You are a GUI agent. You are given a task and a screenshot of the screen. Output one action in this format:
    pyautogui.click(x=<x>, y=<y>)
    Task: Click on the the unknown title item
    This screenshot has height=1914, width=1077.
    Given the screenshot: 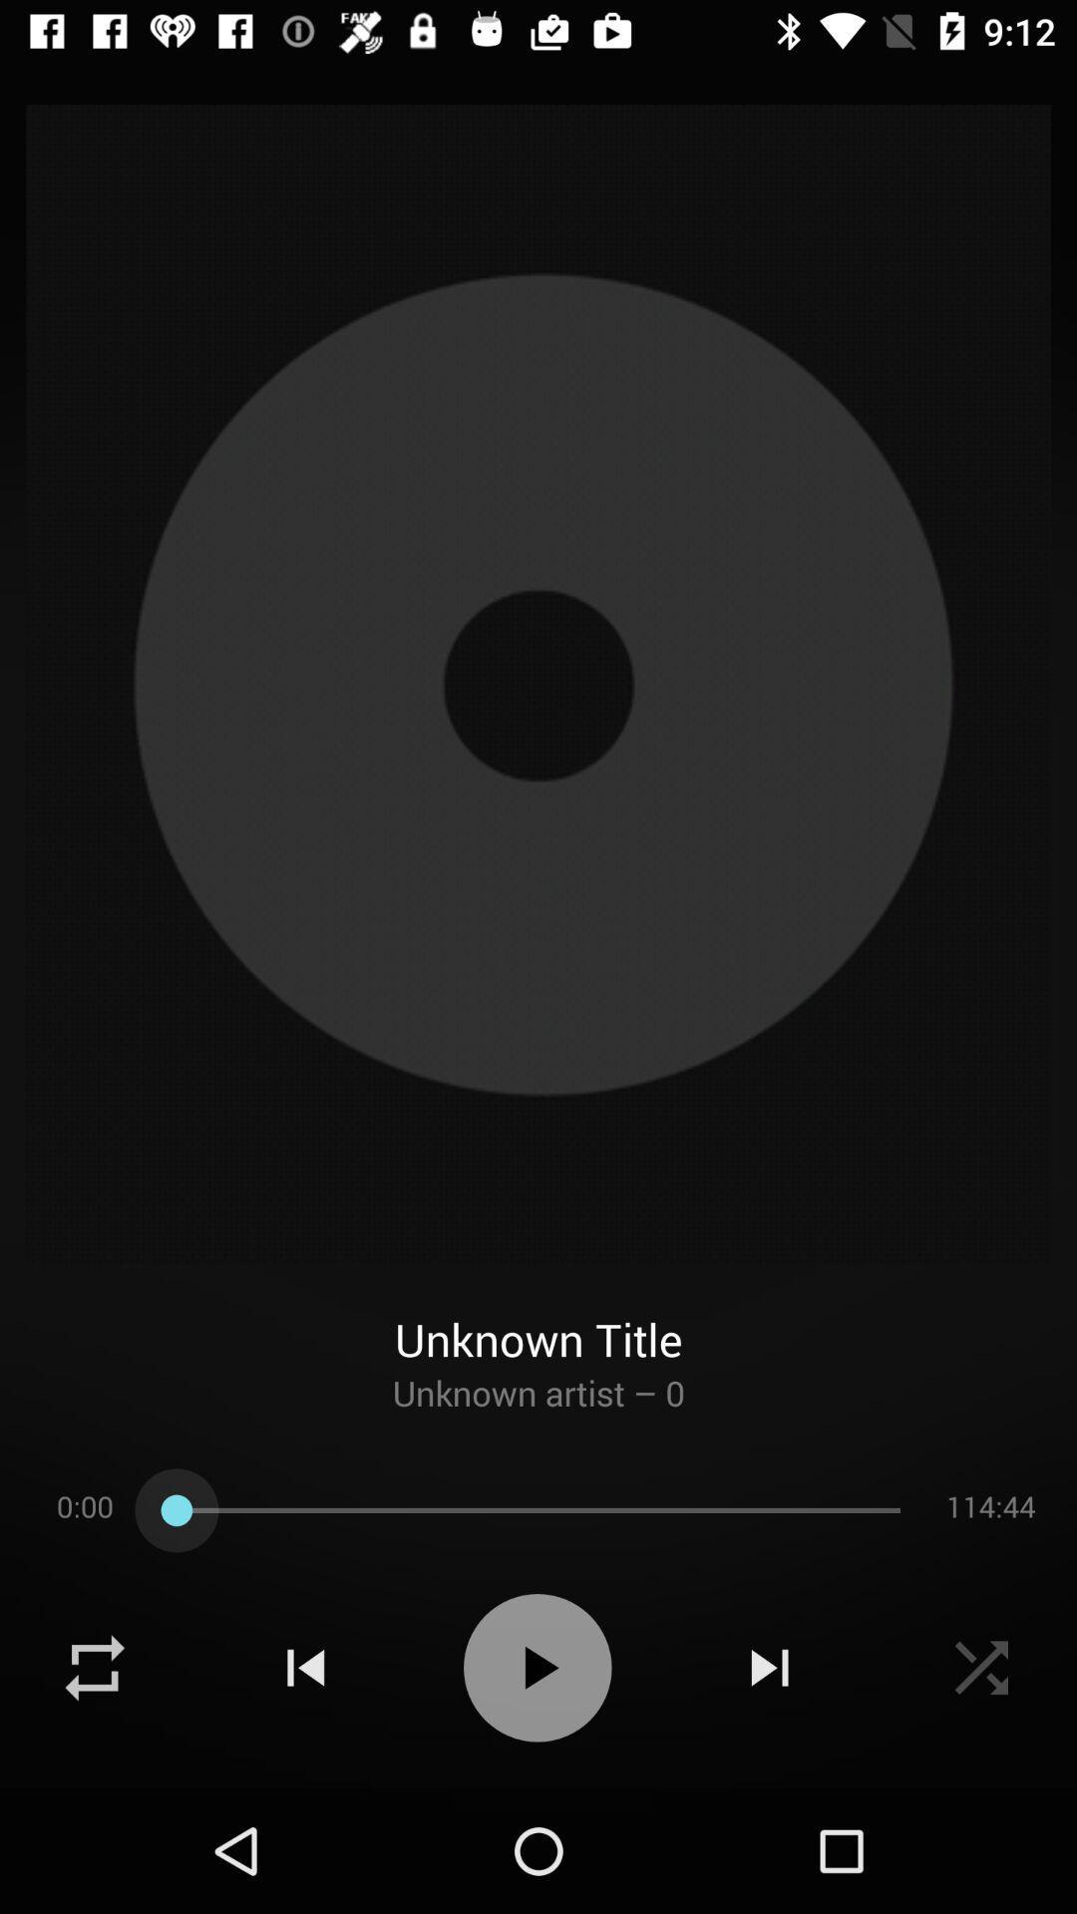 What is the action you would take?
    pyautogui.click(x=538, y=1317)
    